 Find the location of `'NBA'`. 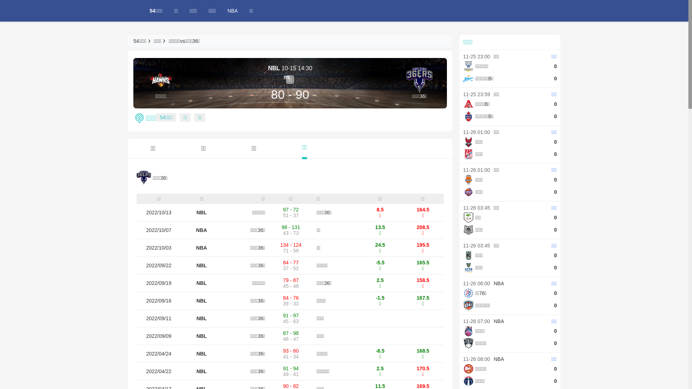

'NBA' is located at coordinates (232, 11).